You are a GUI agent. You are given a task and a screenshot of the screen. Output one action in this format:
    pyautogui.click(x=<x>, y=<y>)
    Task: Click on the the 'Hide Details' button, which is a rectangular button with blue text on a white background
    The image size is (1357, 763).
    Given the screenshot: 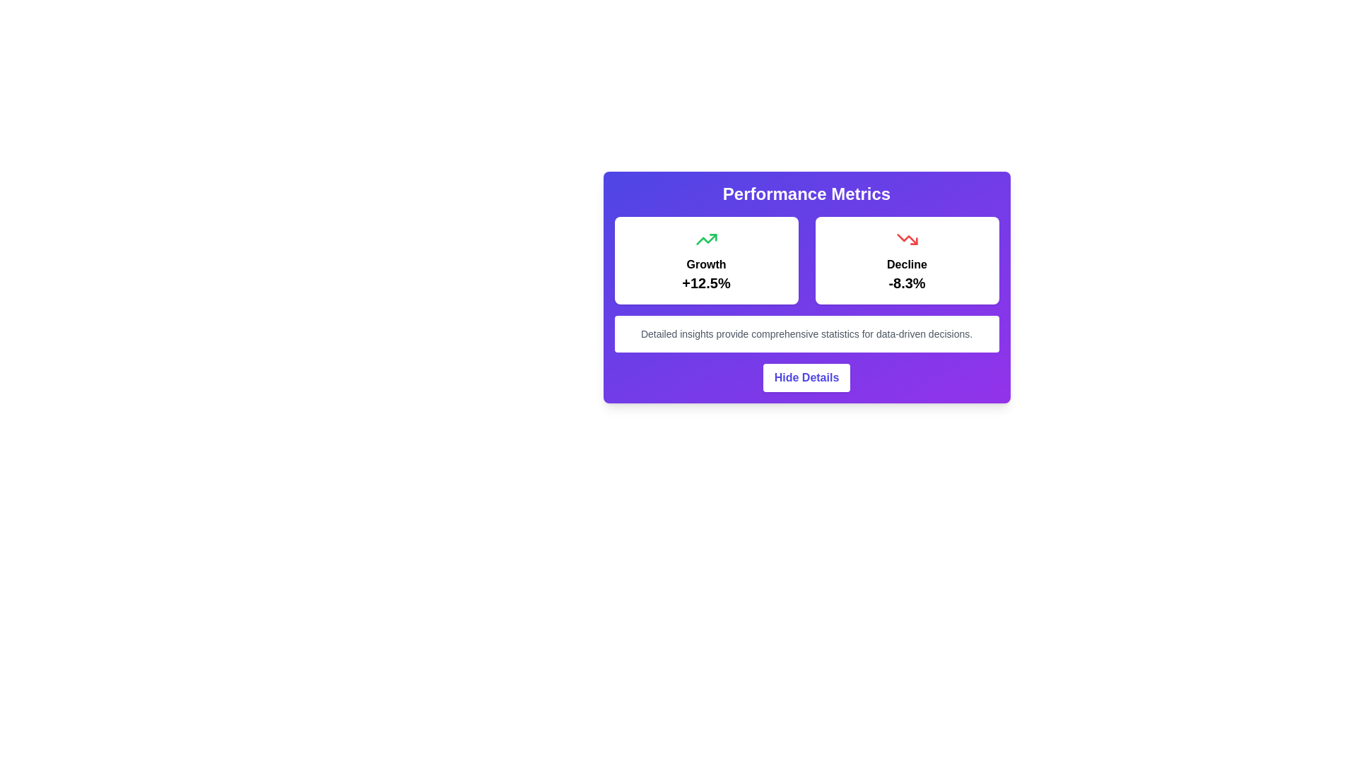 What is the action you would take?
    pyautogui.click(x=806, y=377)
    